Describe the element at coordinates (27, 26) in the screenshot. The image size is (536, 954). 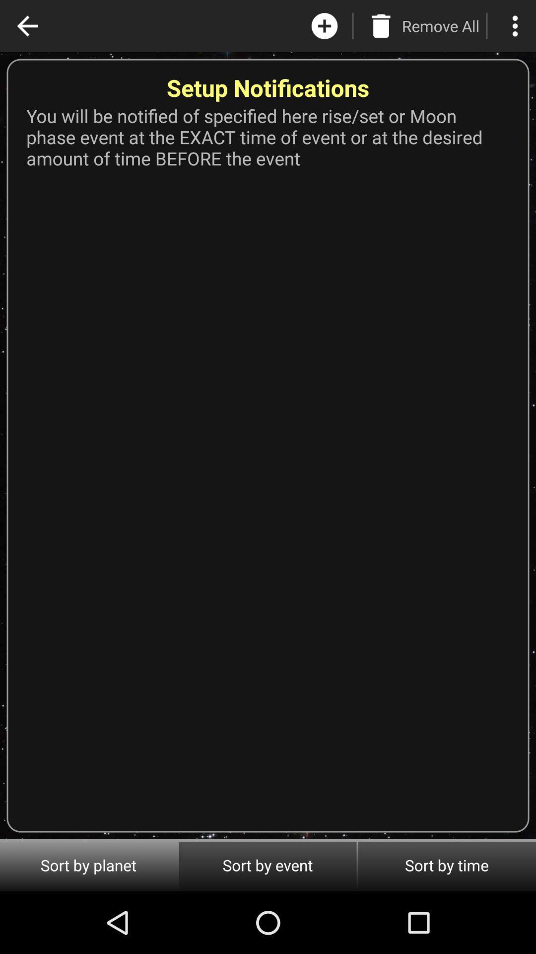
I see `the app above you will be app` at that location.